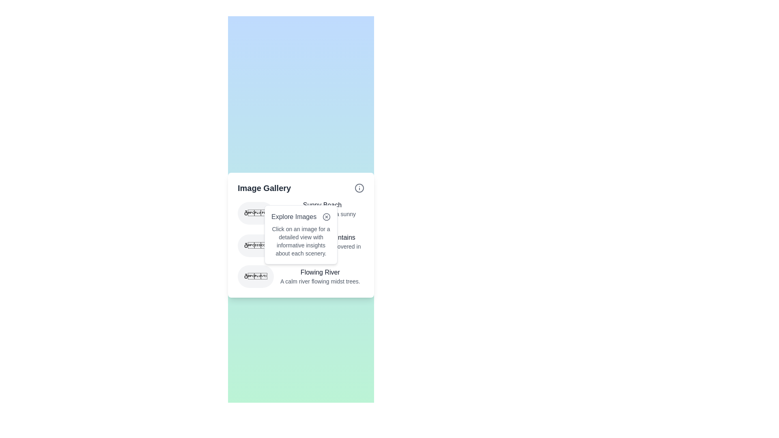 Image resolution: width=779 pixels, height=438 pixels. I want to click on the informational icon located to the right of the 'Image Gallery' text in the header, so click(359, 188).